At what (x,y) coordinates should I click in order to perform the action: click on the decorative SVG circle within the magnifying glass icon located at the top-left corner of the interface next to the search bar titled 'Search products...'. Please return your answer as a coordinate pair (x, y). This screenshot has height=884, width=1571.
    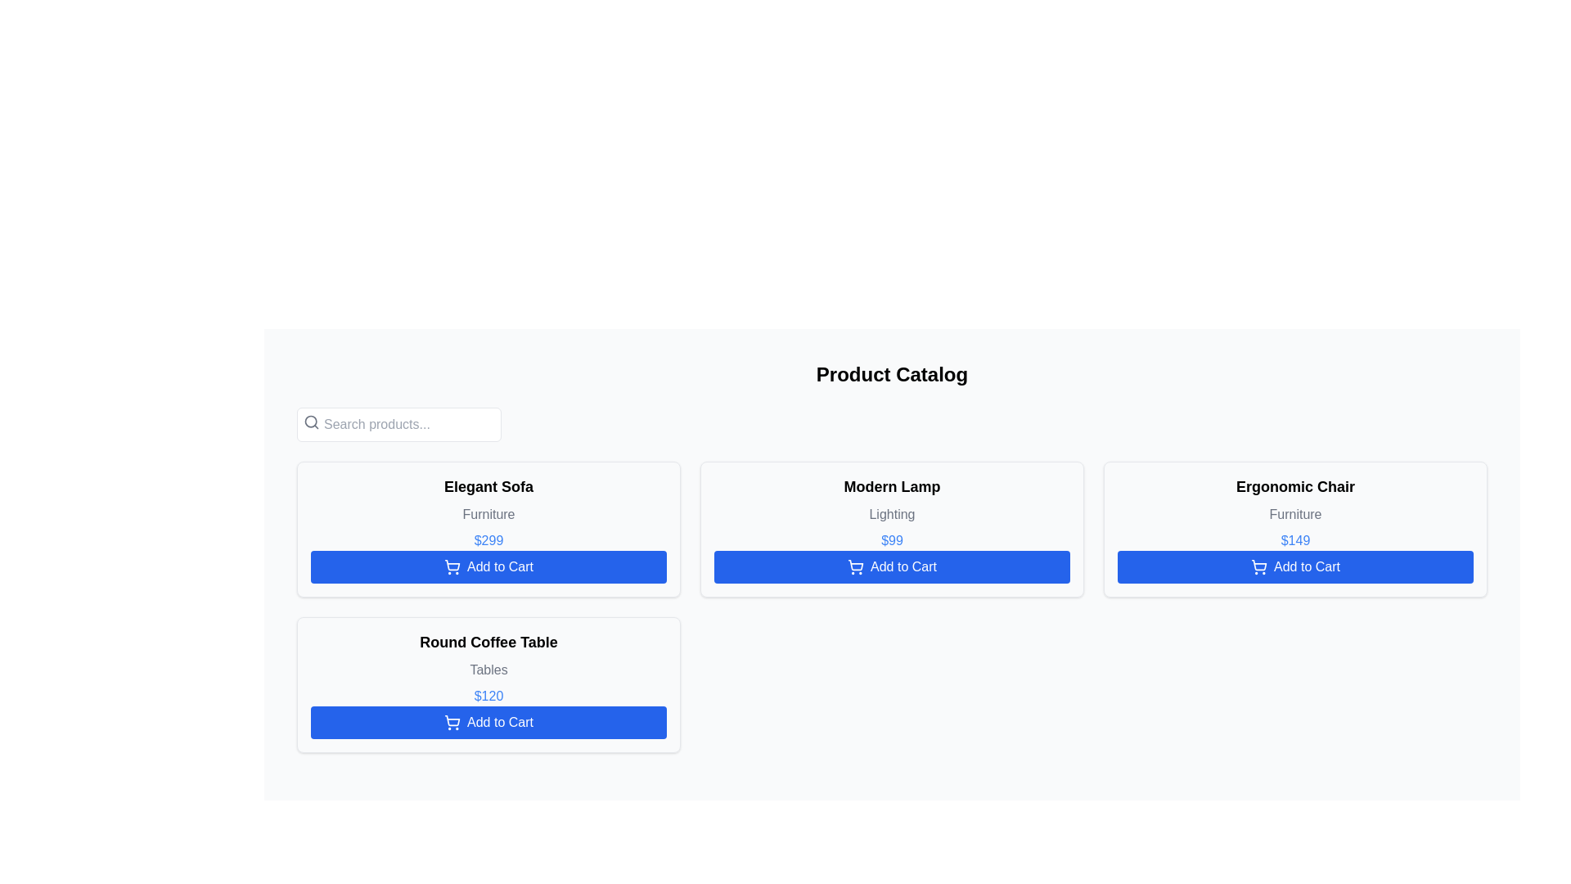
    Looking at the image, I should click on (311, 421).